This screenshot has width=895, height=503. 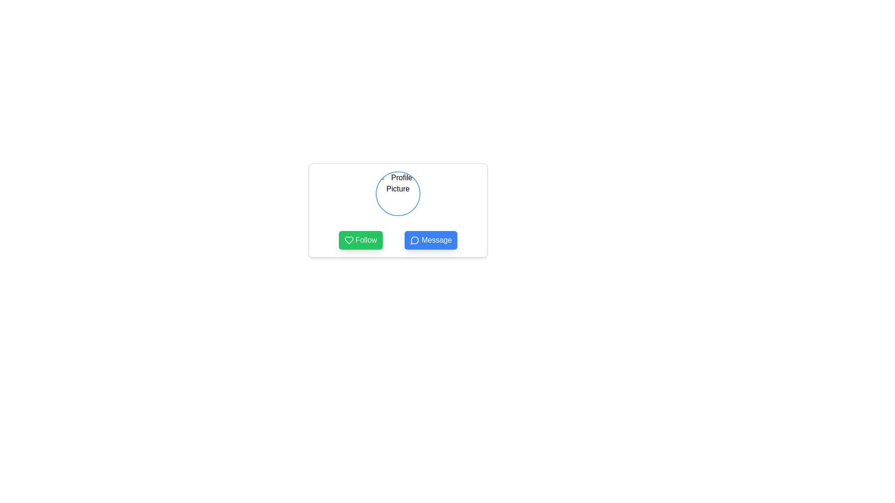 What do you see at coordinates (348, 240) in the screenshot?
I see `the heart-shaped icon located below the circular profile picture to favorite` at bounding box center [348, 240].